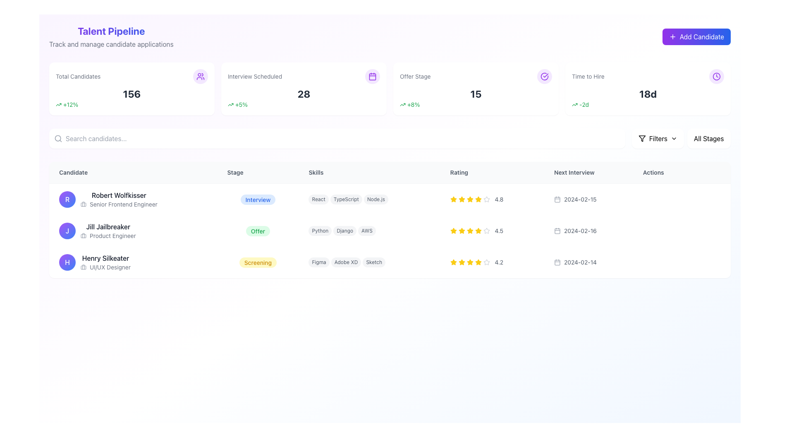 The height and width of the screenshot is (447, 794). I want to click on the Text label combined with an icon representing the candidate's details, which displays 'Henry Silkeater' and 'UI/UX Designer' positioned in the third row of the candidate list, so click(105, 262).